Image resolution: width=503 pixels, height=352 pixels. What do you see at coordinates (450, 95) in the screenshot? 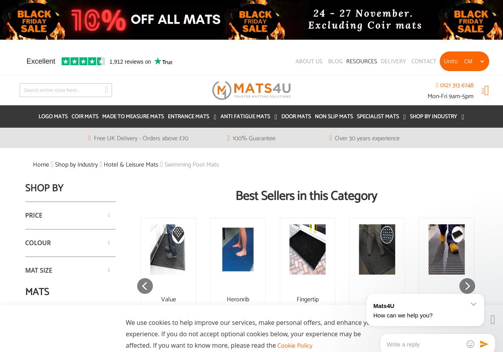
I see `'Mon-Fri 9am-5pm'` at bounding box center [450, 95].